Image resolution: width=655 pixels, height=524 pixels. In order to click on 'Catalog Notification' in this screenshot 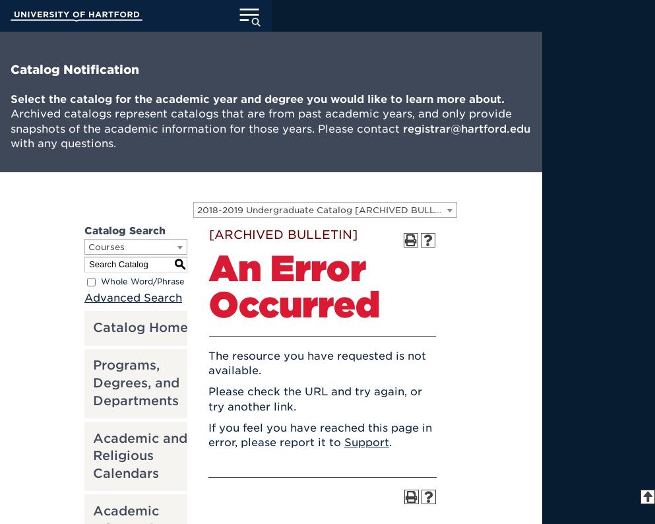, I will do `click(74, 69)`.